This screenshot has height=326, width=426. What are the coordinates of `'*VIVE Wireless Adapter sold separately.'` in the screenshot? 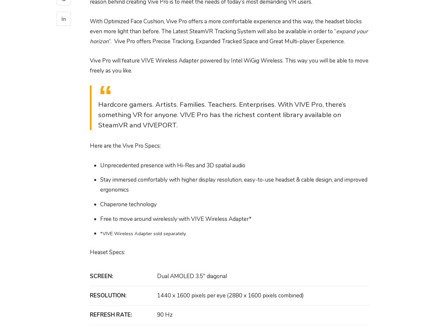 It's located at (142, 233).